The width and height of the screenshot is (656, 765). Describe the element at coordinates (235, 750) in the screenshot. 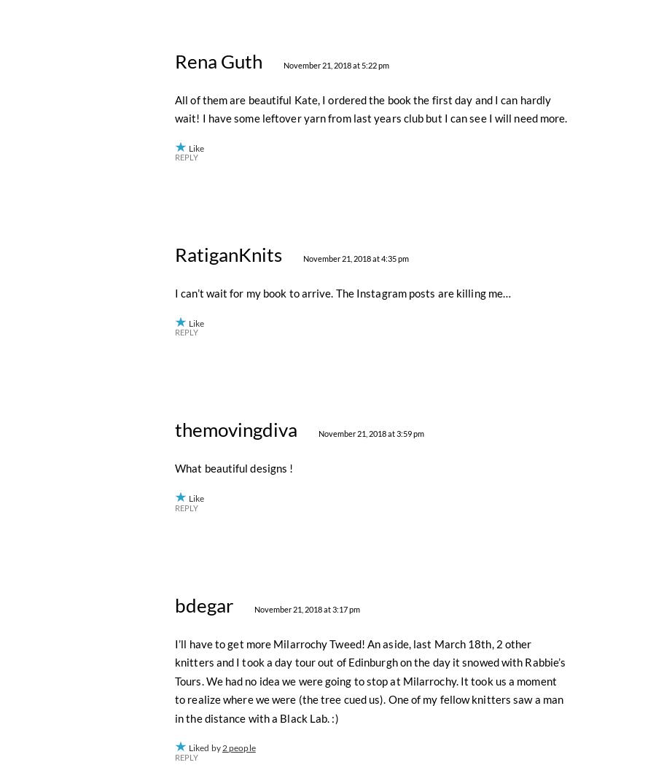

I see `'themovingdiva'` at that location.